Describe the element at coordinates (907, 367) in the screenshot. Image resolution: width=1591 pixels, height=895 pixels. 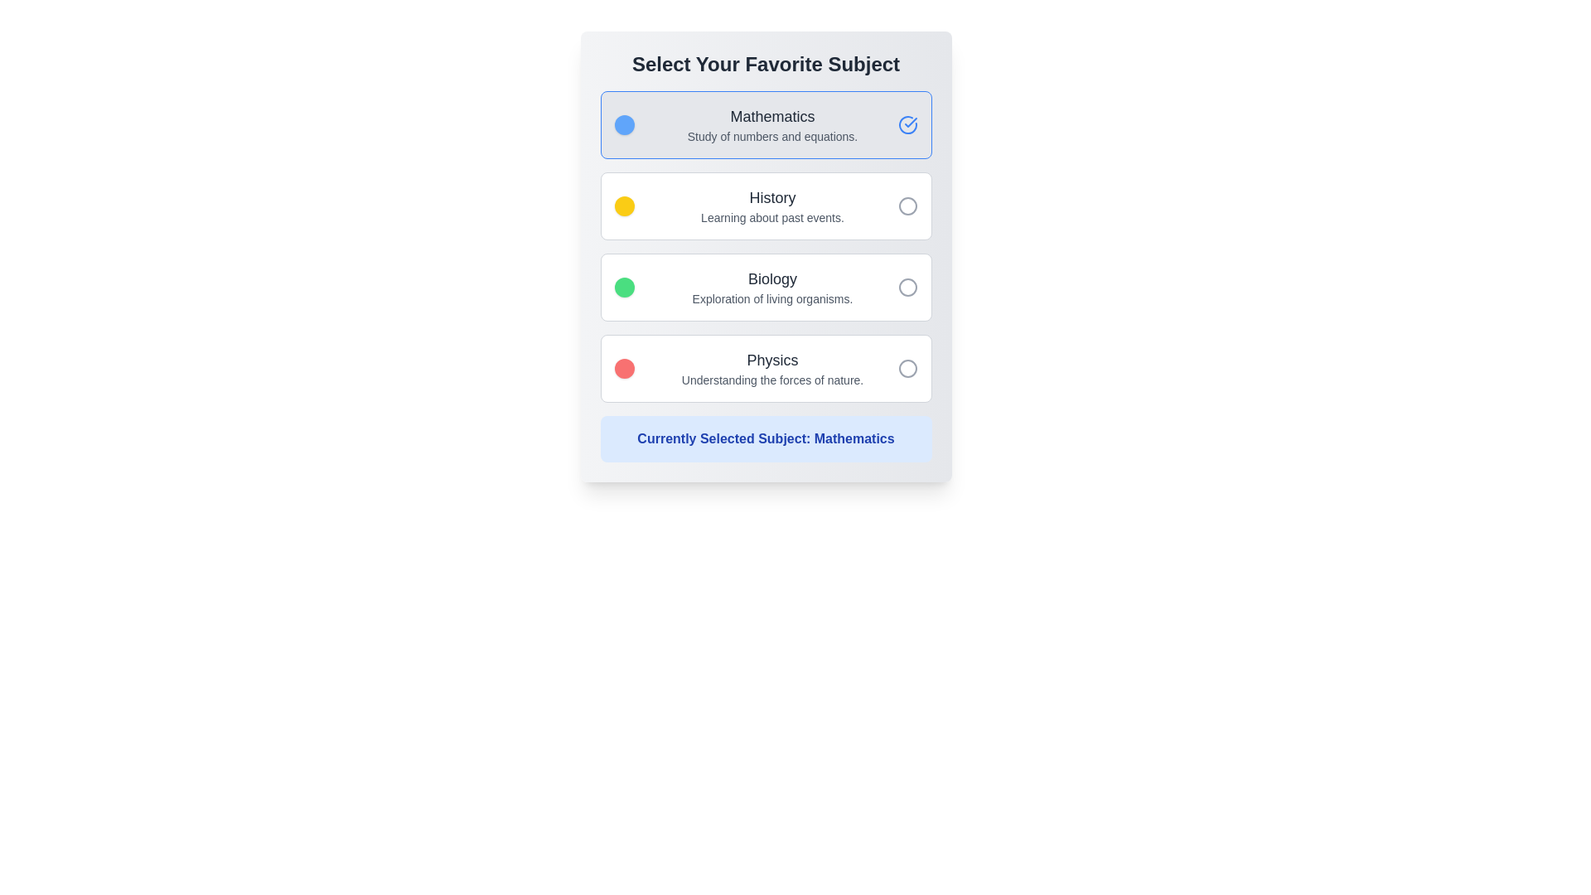
I see `the icon located in the fourth row (Physics) of the subject selection interface, which slightly overlaps with the red circular icon` at that location.